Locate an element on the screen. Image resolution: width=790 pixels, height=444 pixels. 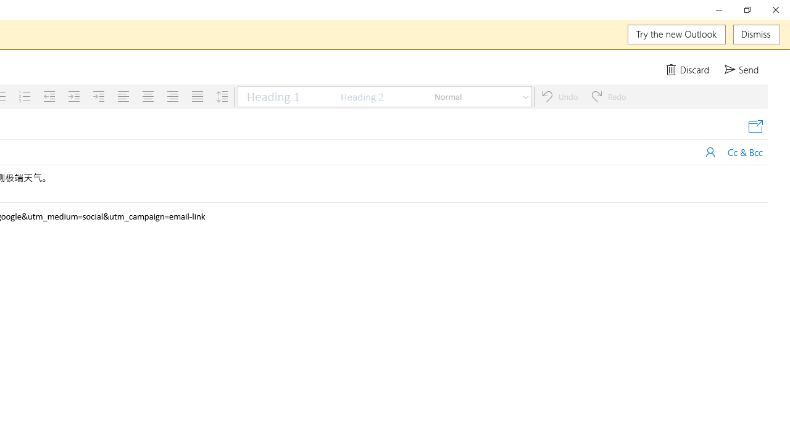
'Open message in a new window' is located at coordinates (755, 126).